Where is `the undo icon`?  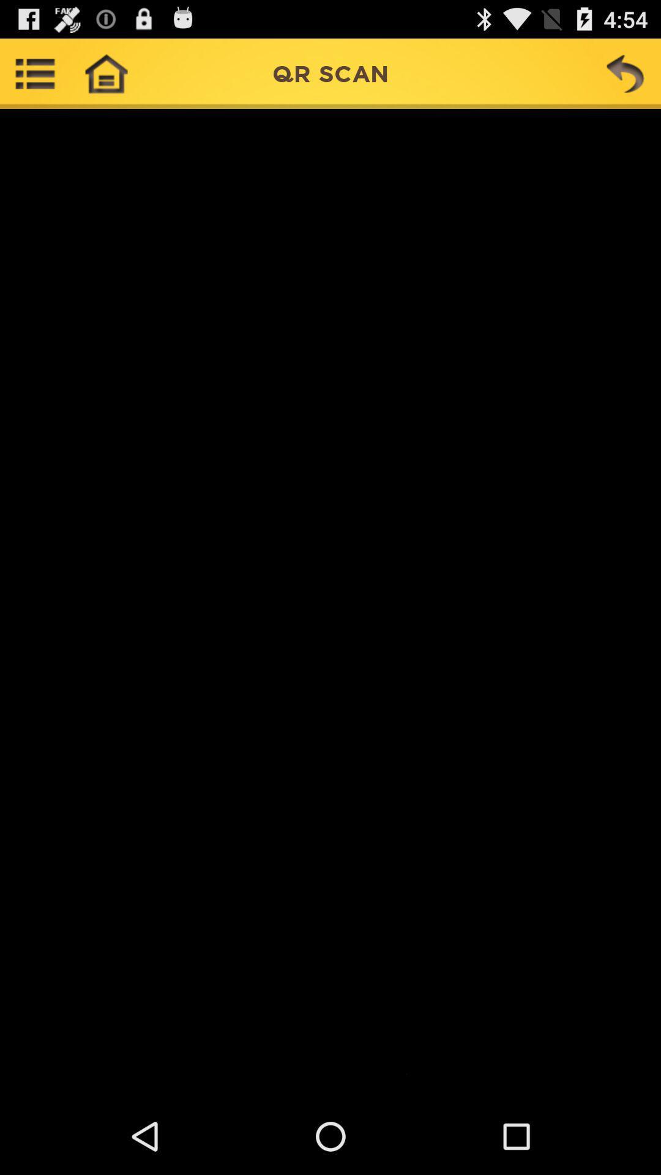
the undo icon is located at coordinates (626, 78).